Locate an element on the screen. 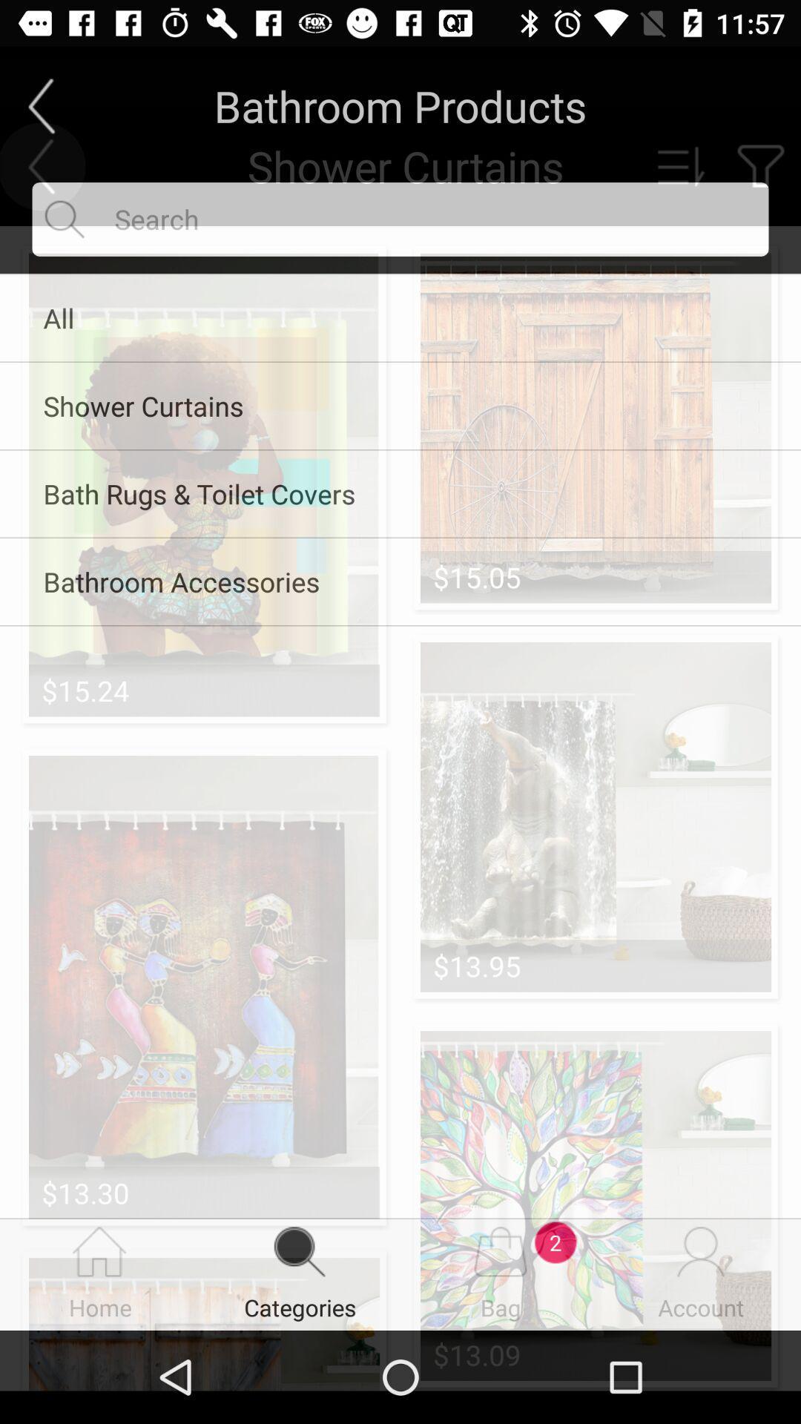  the arrow_backward icon is located at coordinates (41, 105).